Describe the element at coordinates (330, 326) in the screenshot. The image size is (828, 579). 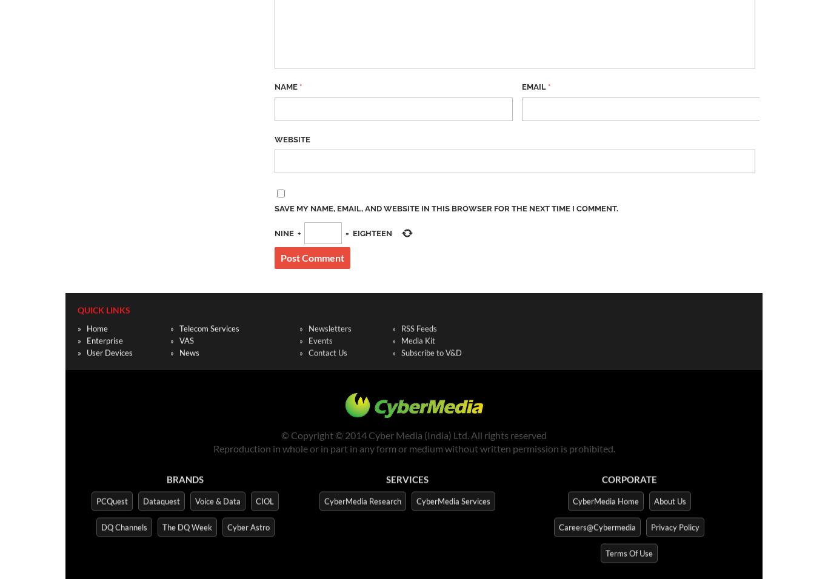
I see `'Newsletters'` at that location.